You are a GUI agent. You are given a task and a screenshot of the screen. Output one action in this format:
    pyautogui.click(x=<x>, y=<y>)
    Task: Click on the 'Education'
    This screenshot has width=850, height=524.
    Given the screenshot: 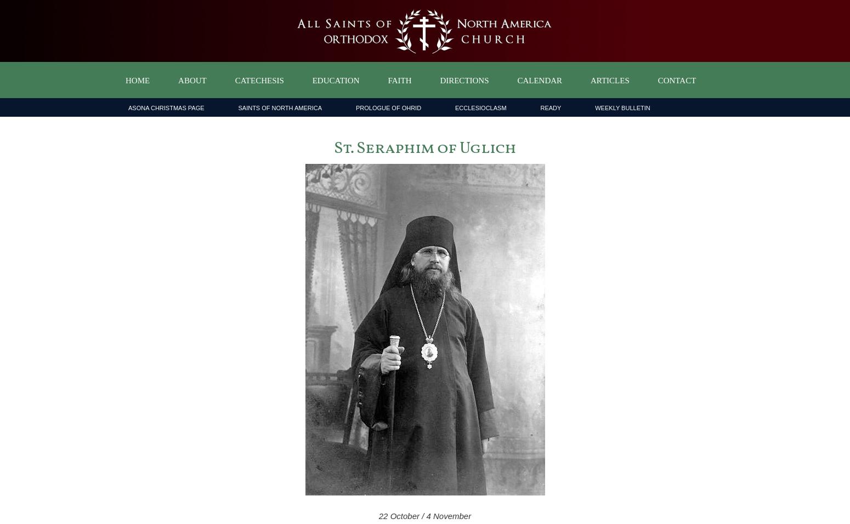 What is the action you would take?
    pyautogui.click(x=312, y=81)
    